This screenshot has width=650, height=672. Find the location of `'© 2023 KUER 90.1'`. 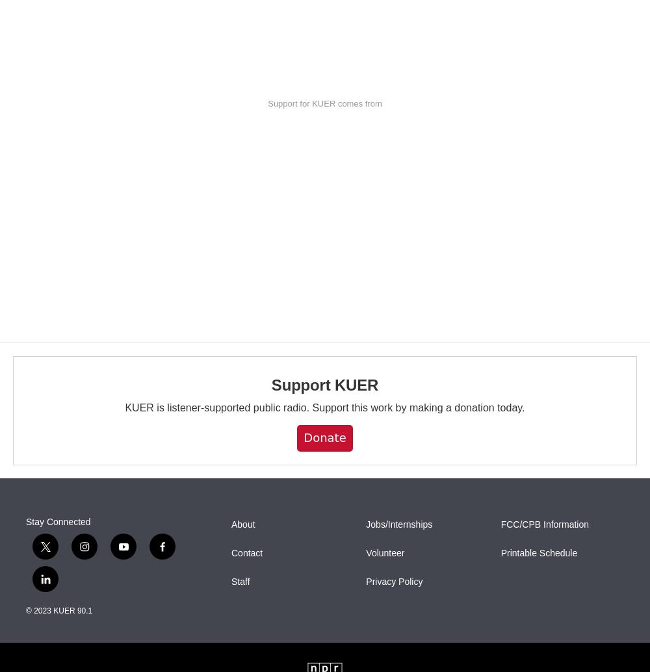

'© 2023 KUER 90.1' is located at coordinates (58, 610).